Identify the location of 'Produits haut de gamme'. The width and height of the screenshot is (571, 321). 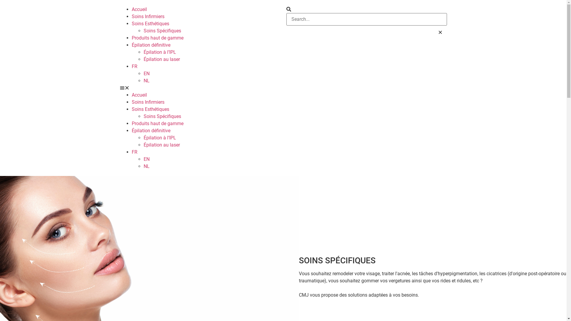
(131, 38).